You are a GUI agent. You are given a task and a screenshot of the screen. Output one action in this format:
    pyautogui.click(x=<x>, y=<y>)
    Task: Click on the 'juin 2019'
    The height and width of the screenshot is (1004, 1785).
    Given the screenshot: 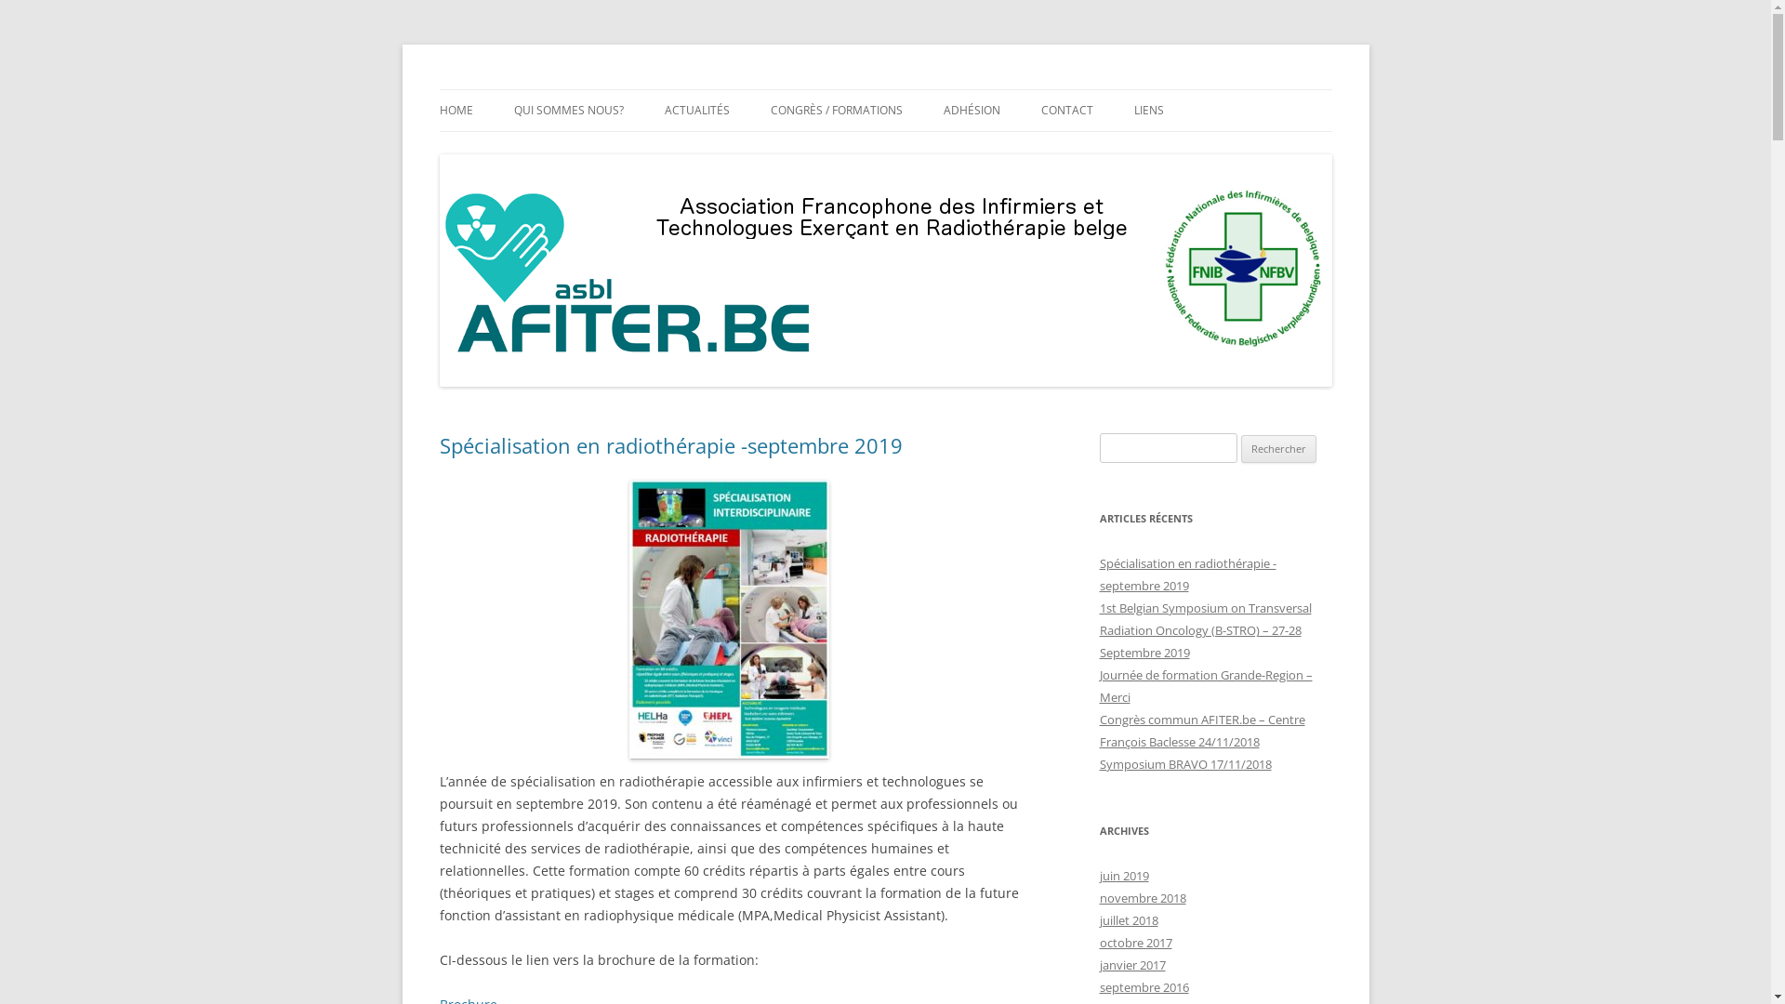 What is the action you would take?
    pyautogui.click(x=1122, y=875)
    